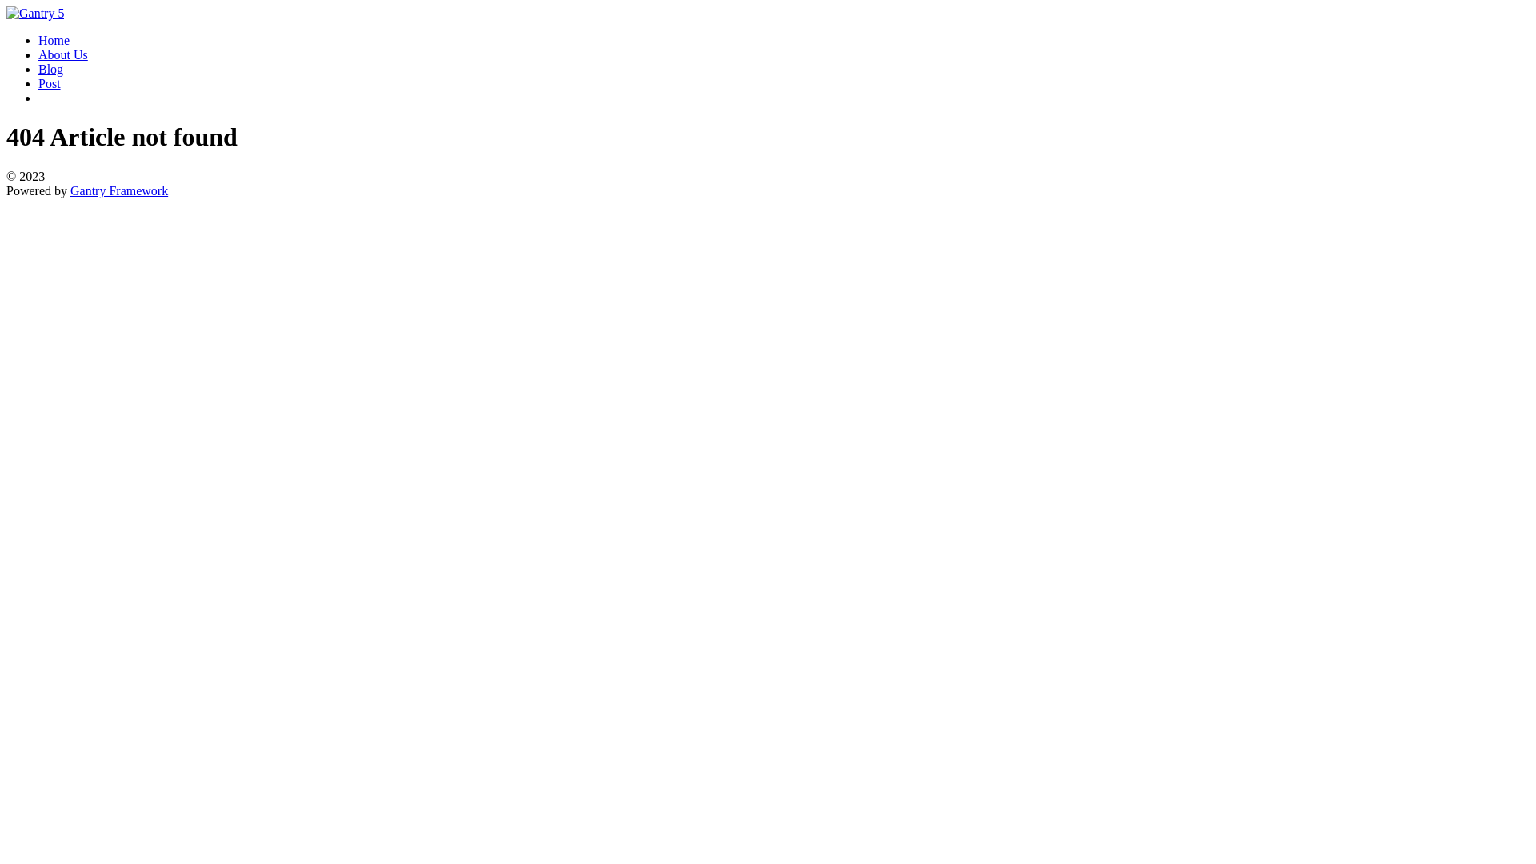  I want to click on 'Post', so click(50, 83).